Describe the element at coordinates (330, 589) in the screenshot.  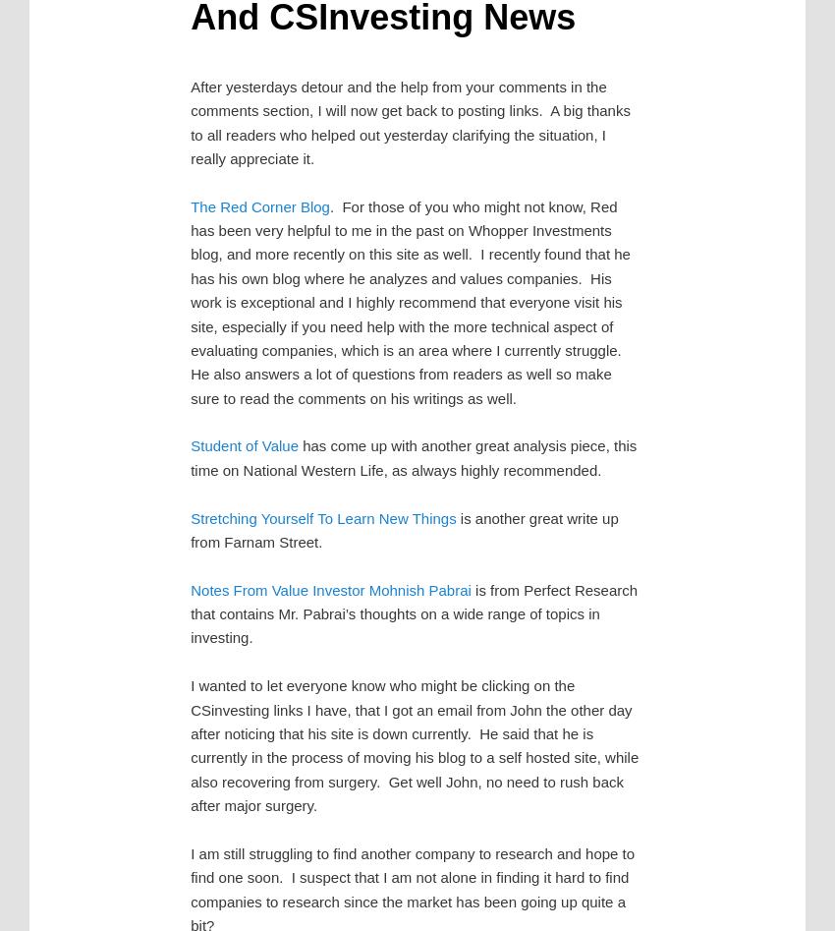
I see `'Notes From Value Investor Mohnish Pabrai'` at that location.